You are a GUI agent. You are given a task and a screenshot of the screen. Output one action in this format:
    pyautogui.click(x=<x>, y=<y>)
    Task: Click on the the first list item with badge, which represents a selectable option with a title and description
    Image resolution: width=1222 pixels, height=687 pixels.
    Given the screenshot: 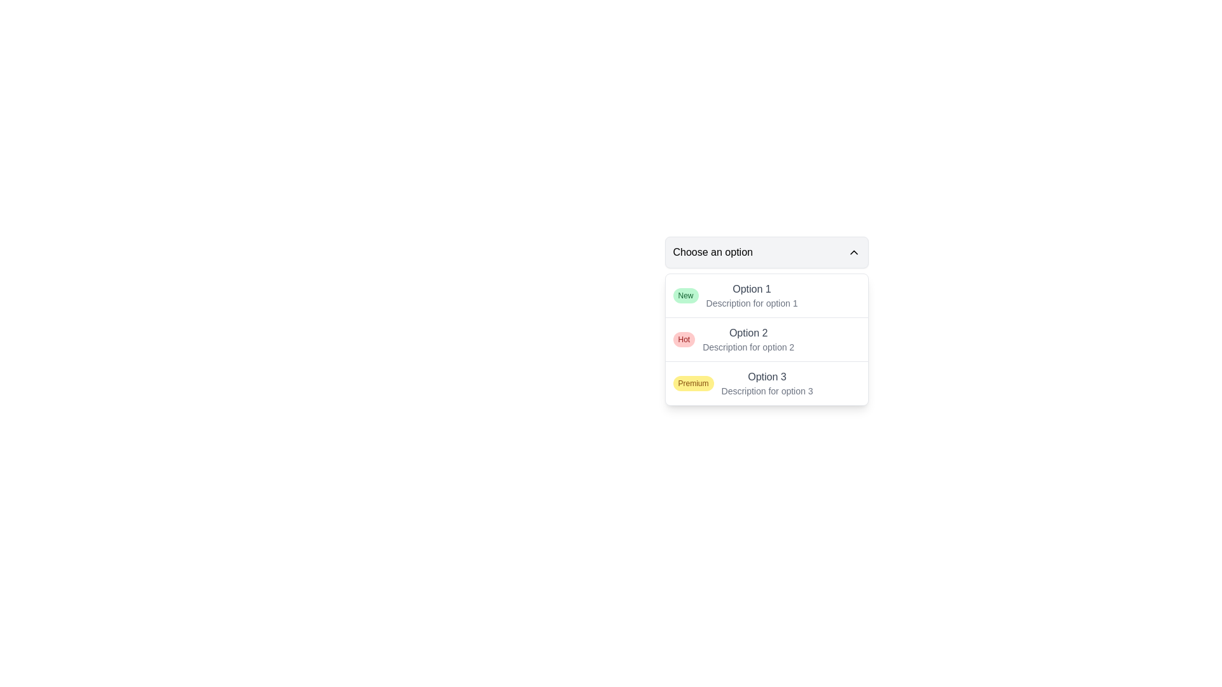 What is the action you would take?
    pyautogui.click(x=766, y=296)
    